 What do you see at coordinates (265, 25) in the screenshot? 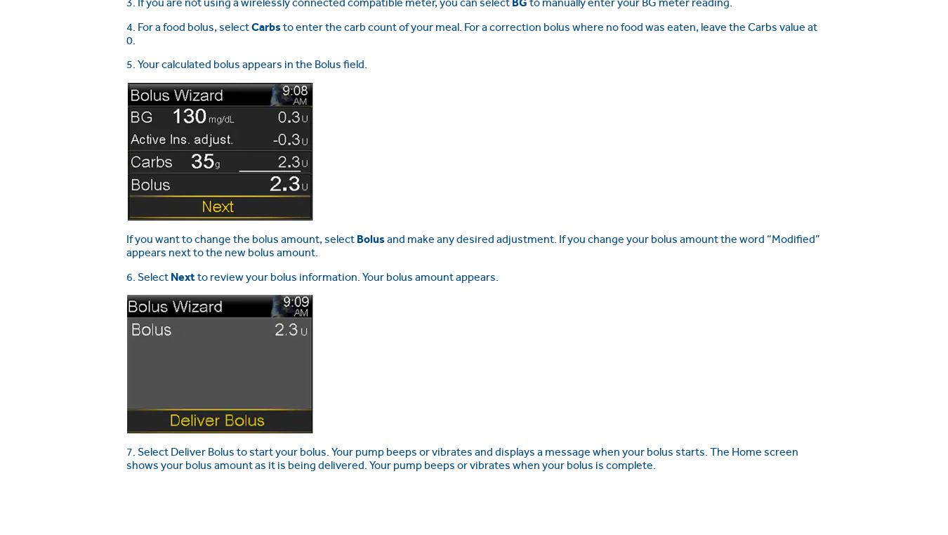
I see `'Carbs'` at bounding box center [265, 25].